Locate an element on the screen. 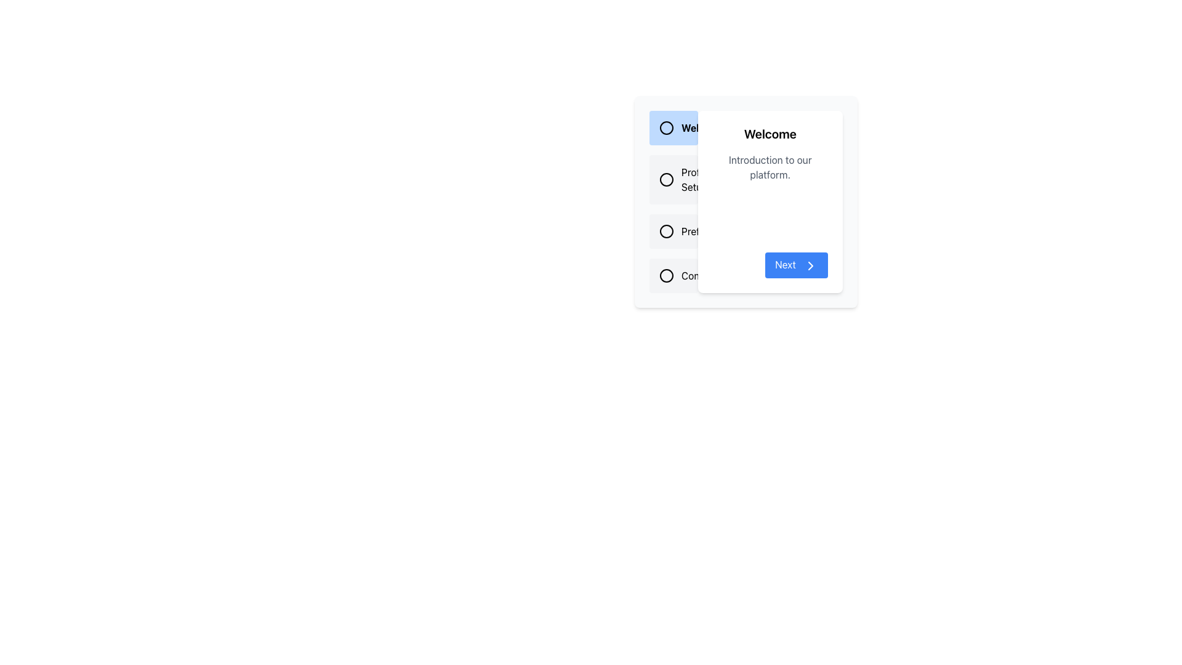 The image size is (1182, 665). the active radio button labeled 'Welcome' located at the top of the list in the sidebar is located at coordinates (673, 128).